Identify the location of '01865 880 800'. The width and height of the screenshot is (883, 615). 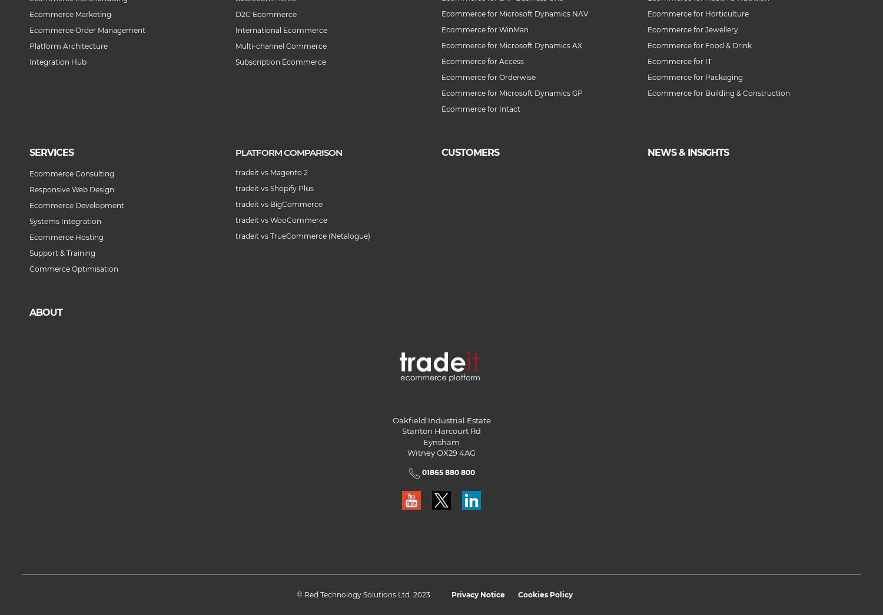
(447, 472).